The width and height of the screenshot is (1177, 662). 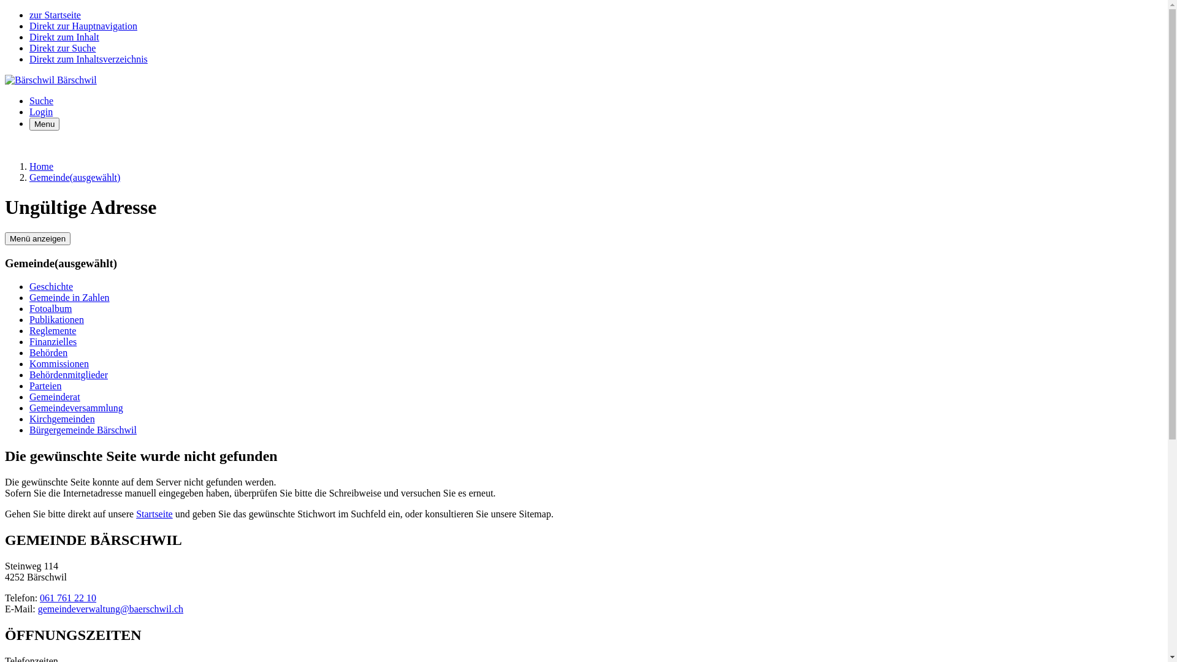 What do you see at coordinates (54, 397) in the screenshot?
I see `'Gemeinderat'` at bounding box center [54, 397].